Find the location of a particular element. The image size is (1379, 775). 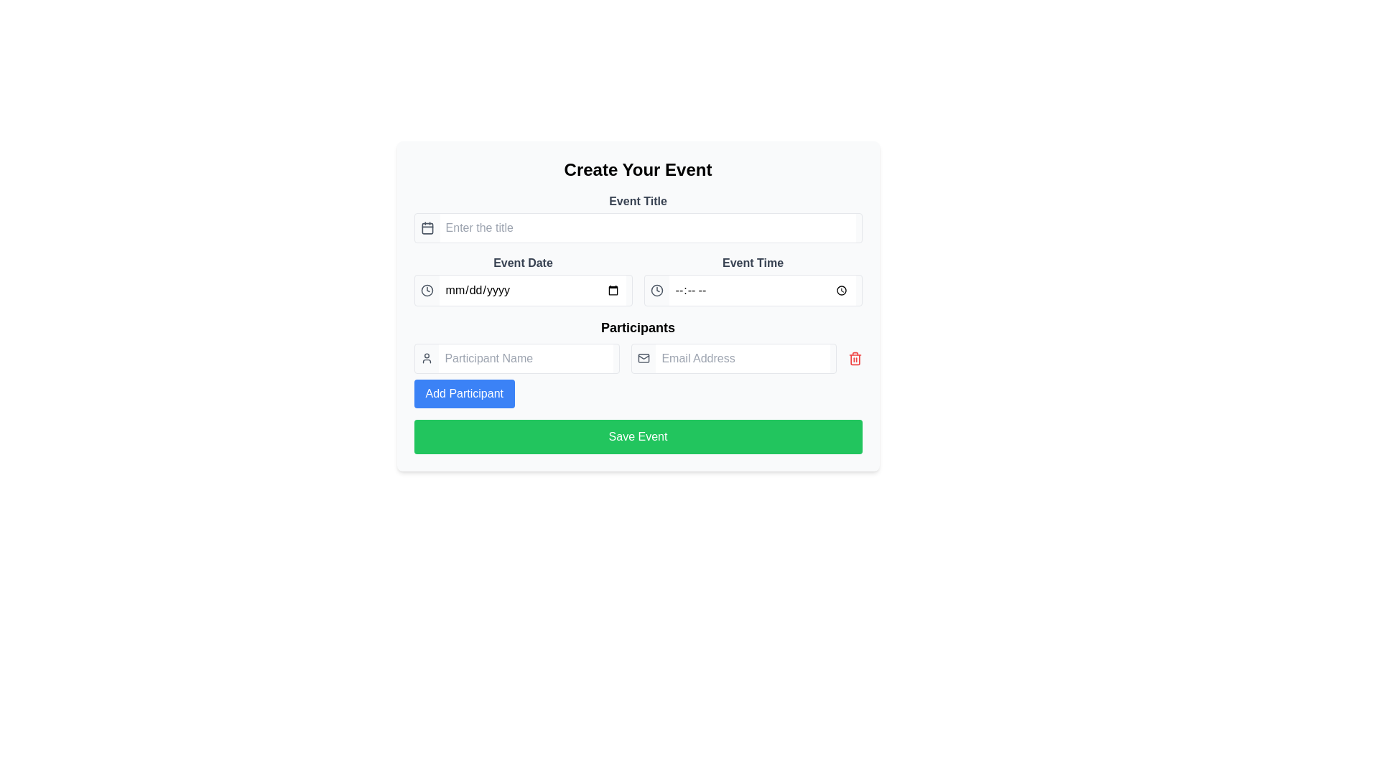

the text input field for entering a participant's name, which is located below the 'Event Date' and 'Event Time' fields and to the left of the 'Email Address' field is located at coordinates (516, 358).